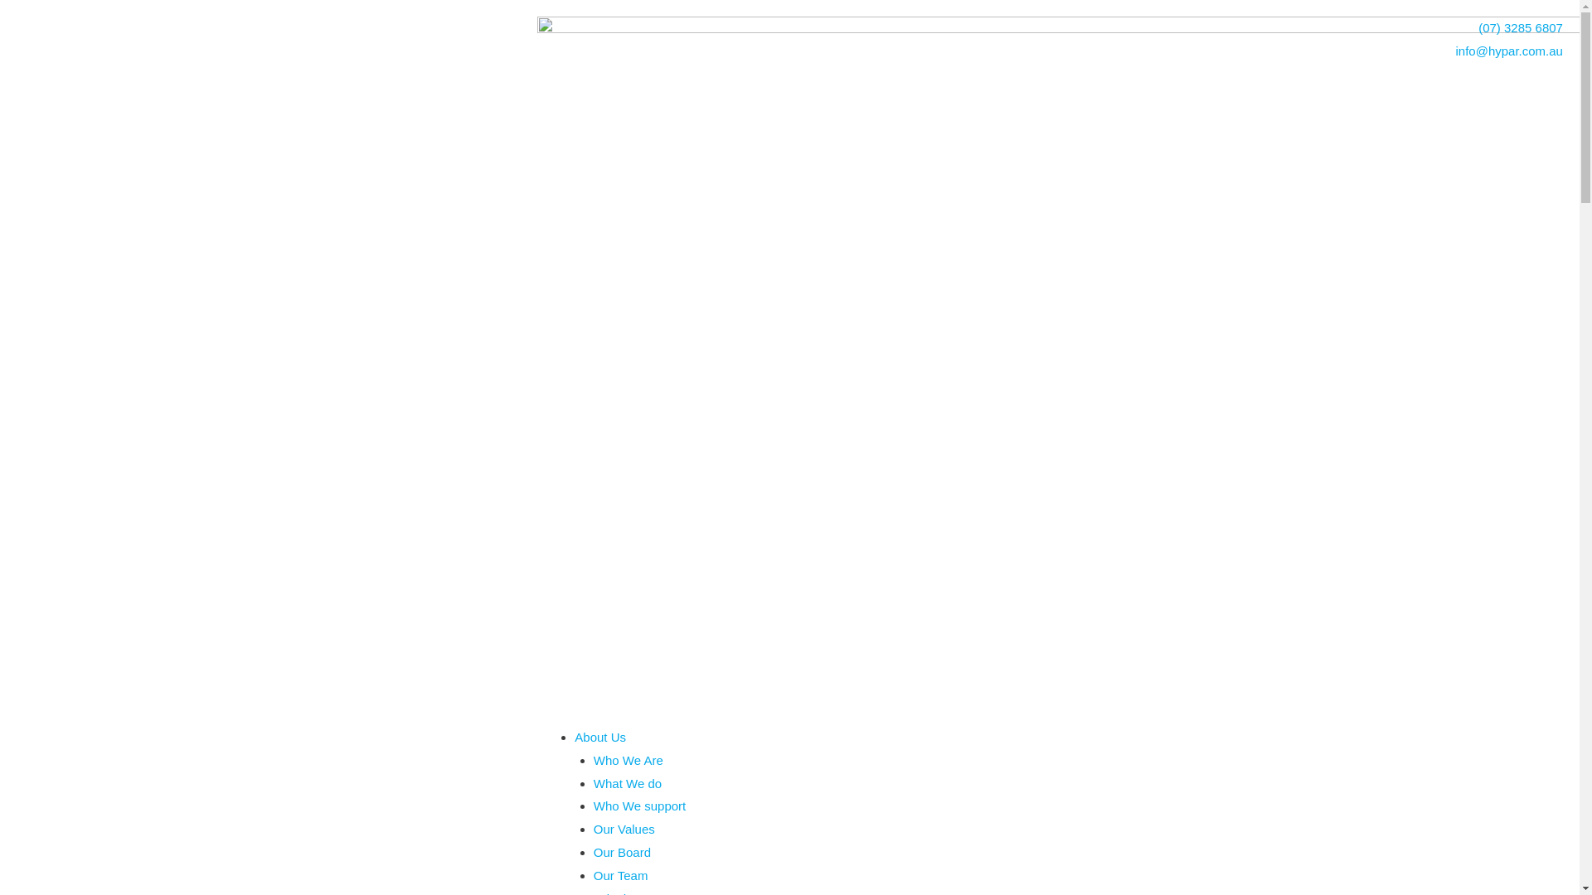 This screenshot has width=1592, height=895. Describe the element at coordinates (599, 736) in the screenshot. I see `'About Us'` at that location.